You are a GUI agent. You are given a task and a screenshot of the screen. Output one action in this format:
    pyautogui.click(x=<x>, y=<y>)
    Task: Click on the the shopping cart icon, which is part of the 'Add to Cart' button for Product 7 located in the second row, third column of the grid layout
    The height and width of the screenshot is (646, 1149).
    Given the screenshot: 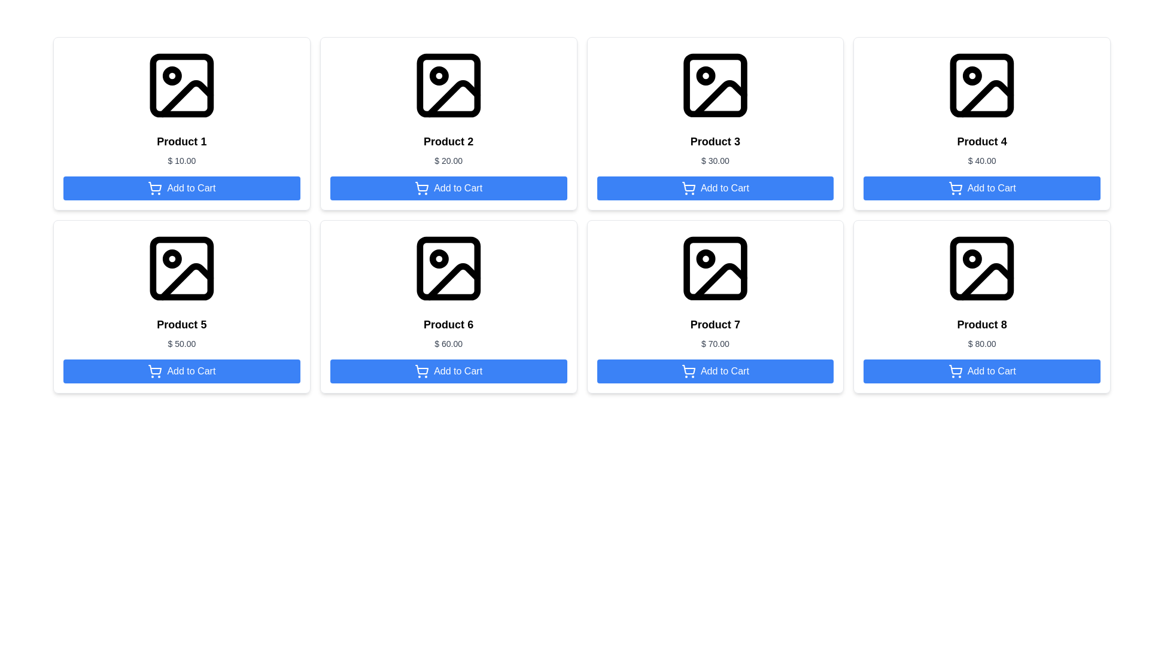 What is the action you would take?
    pyautogui.click(x=688, y=371)
    